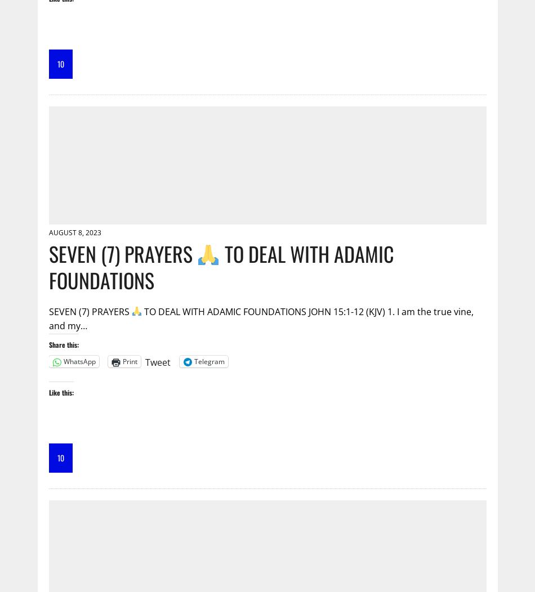  I want to click on 'Share this:', so click(48, 343).